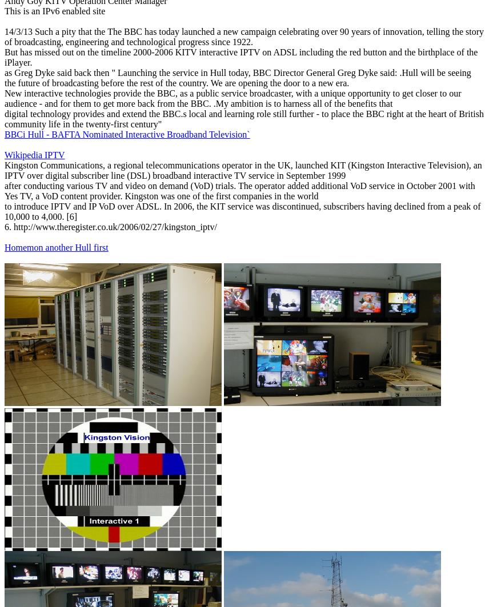 The image size is (489, 607). Describe the element at coordinates (241, 57) in the screenshot. I see `'But has missed out on the timeline 2000-2006  KITV interactive IPTV on ADSL including the red button 
and the birthplace of the iPlayer.'` at that location.